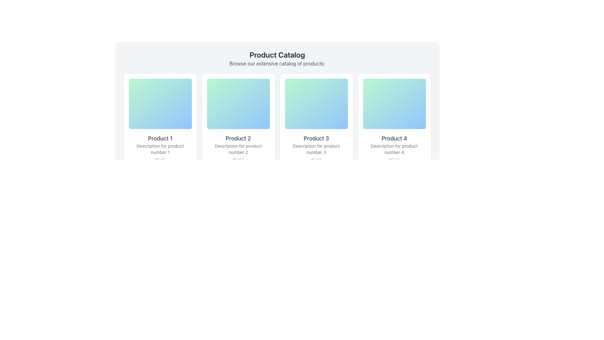  What do you see at coordinates (238, 104) in the screenshot?
I see `the vertically rectangular gradient-filled box with rounded corners located at the top of the 'Product 2' card` at bounding box center [238, 104].